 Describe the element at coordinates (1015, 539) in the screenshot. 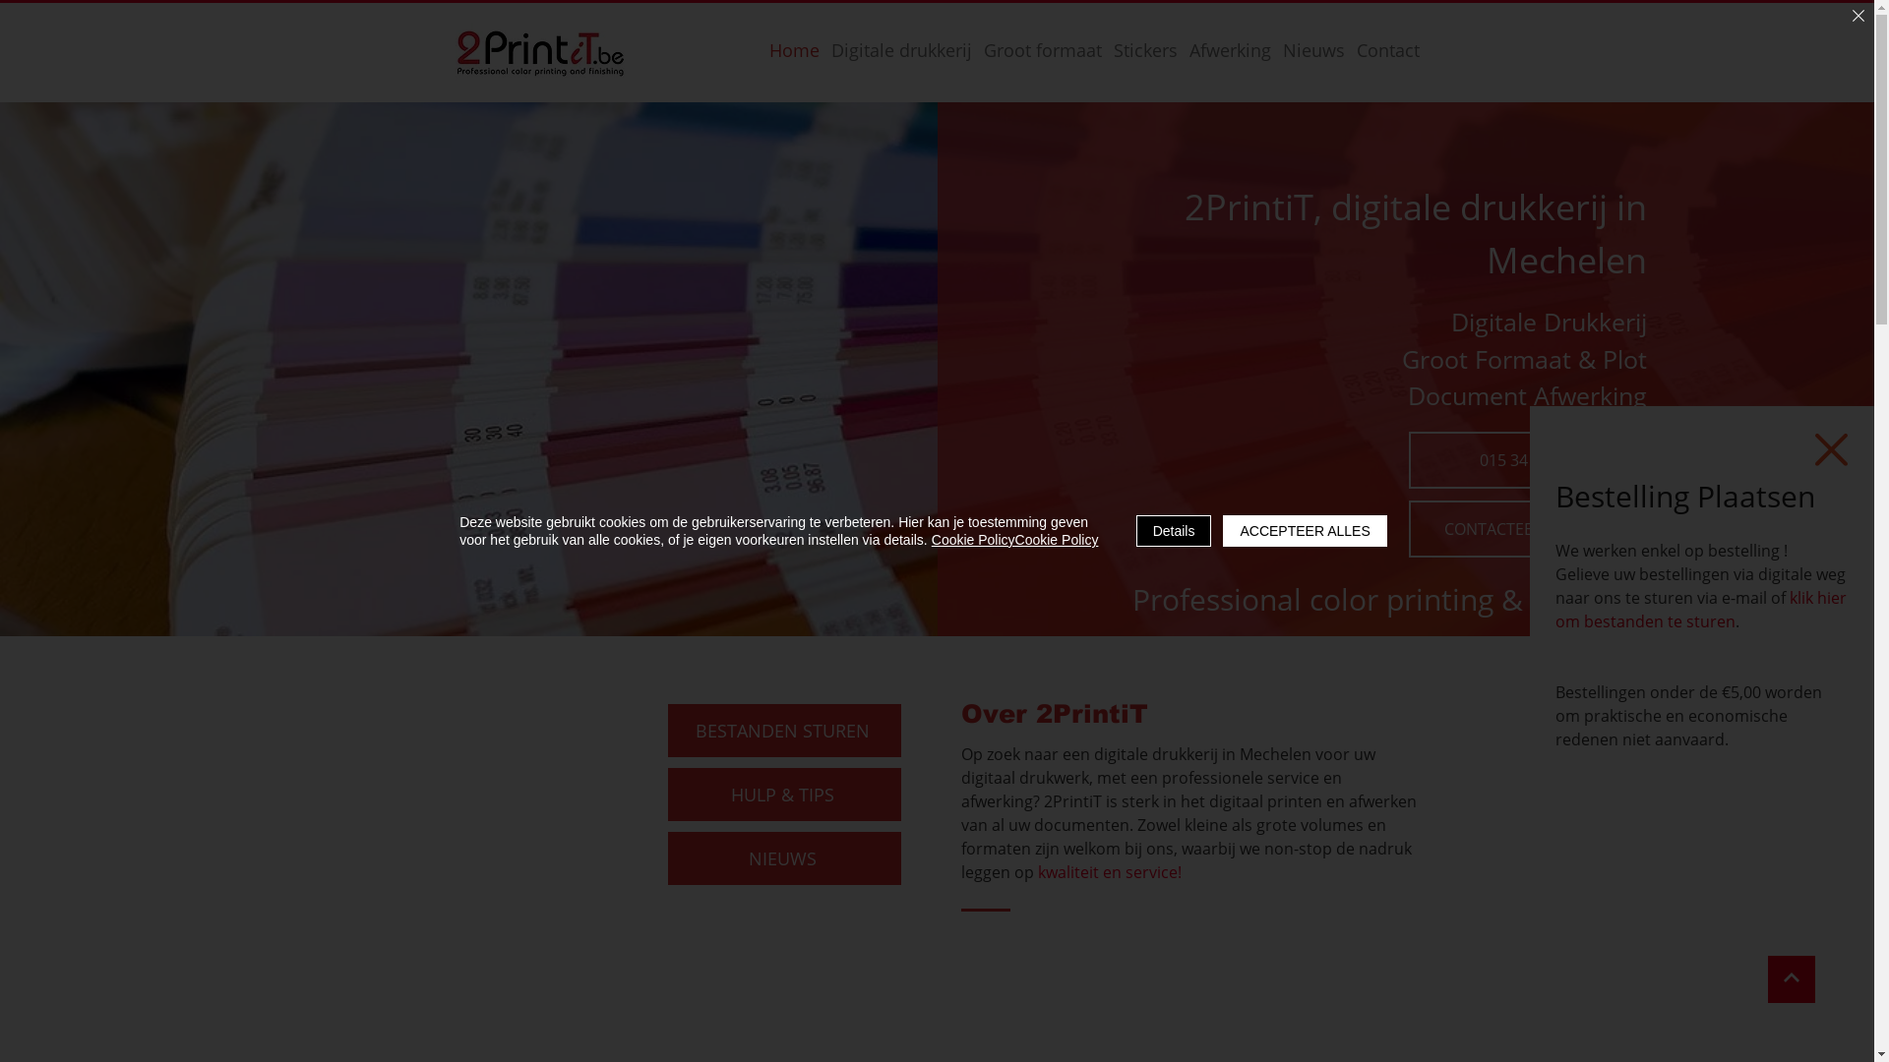

I see `'Cookie PolicyCookie Policy'` at that location.